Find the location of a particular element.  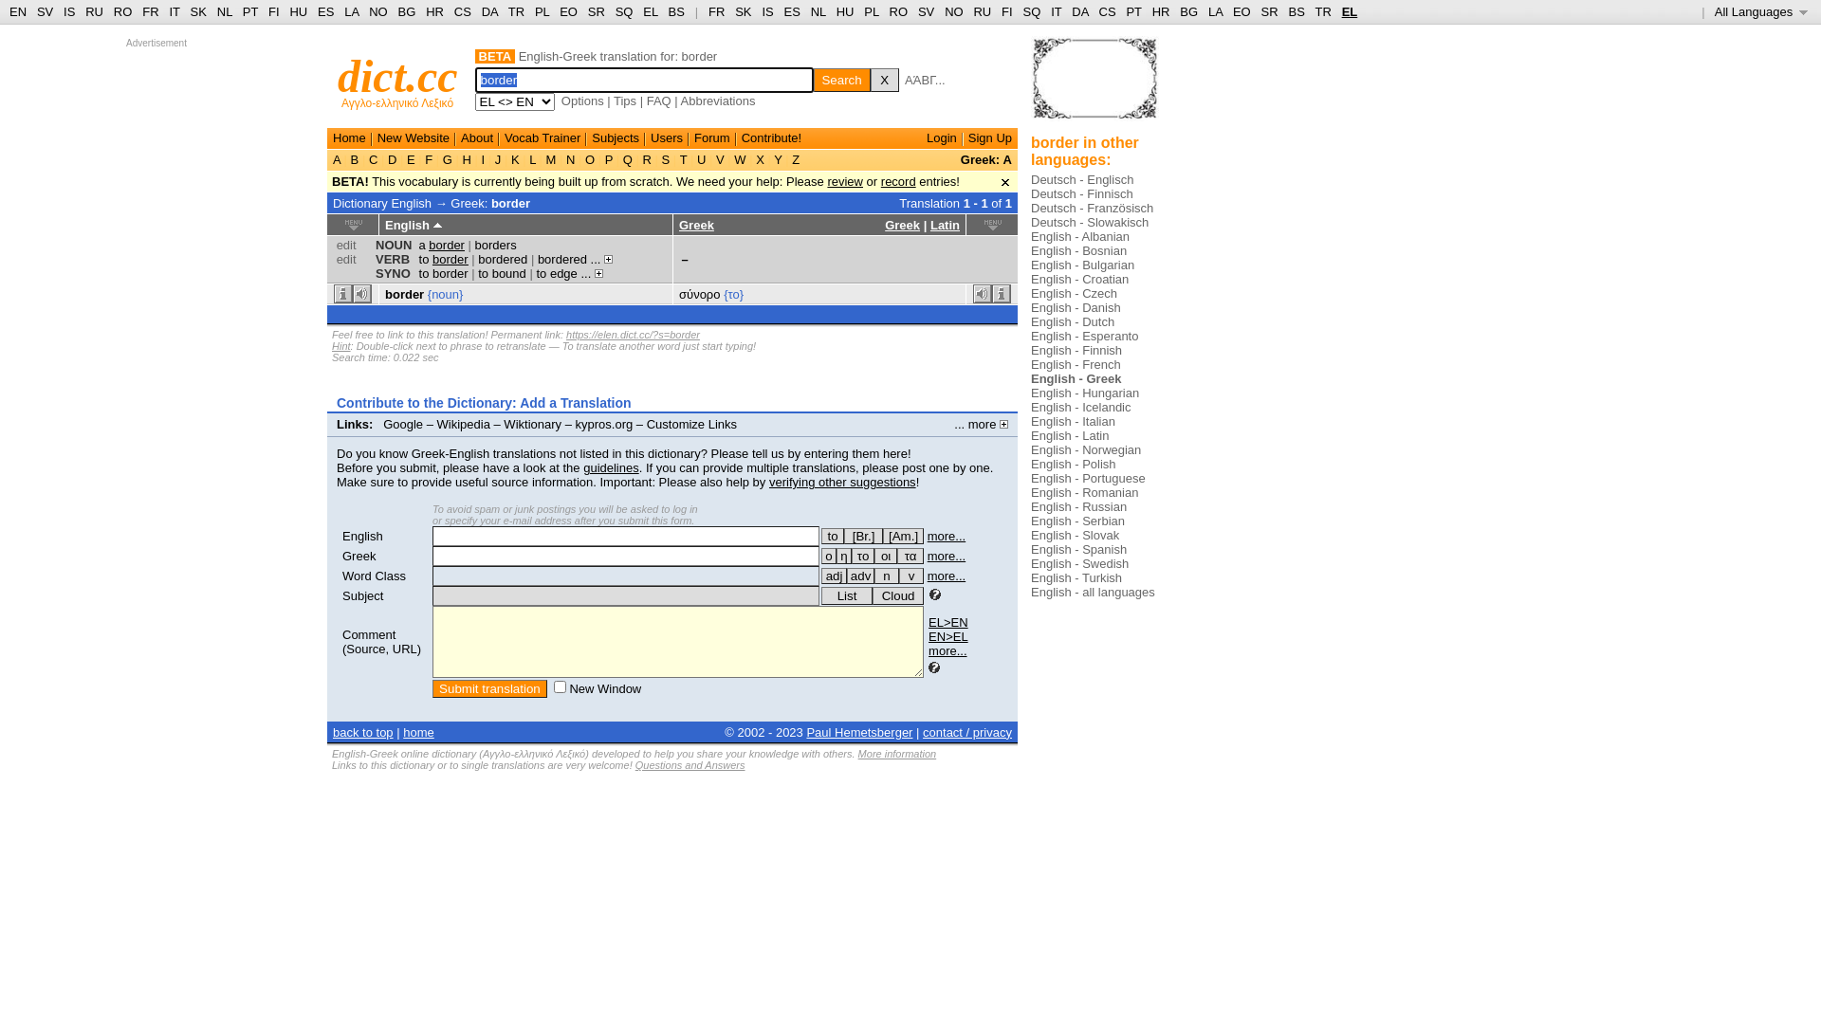

'Subjects' is located at coordinates (615, 137).